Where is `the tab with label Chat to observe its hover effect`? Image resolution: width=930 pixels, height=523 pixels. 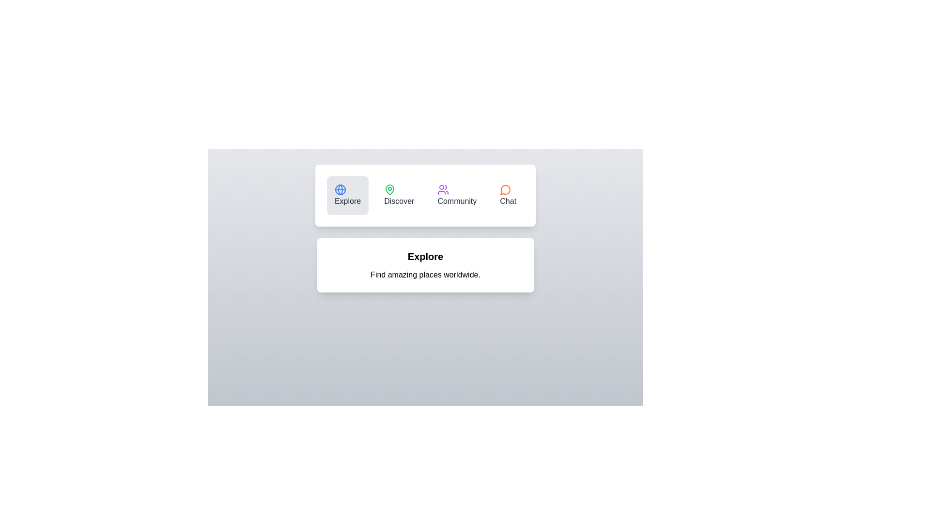
the tab with label Chat to observe its hover effect is located at coordinates (508, 196).